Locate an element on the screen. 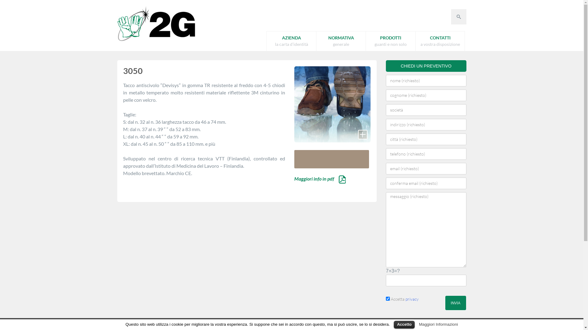  'NORMATIVA is located at coordinates (341, 41).